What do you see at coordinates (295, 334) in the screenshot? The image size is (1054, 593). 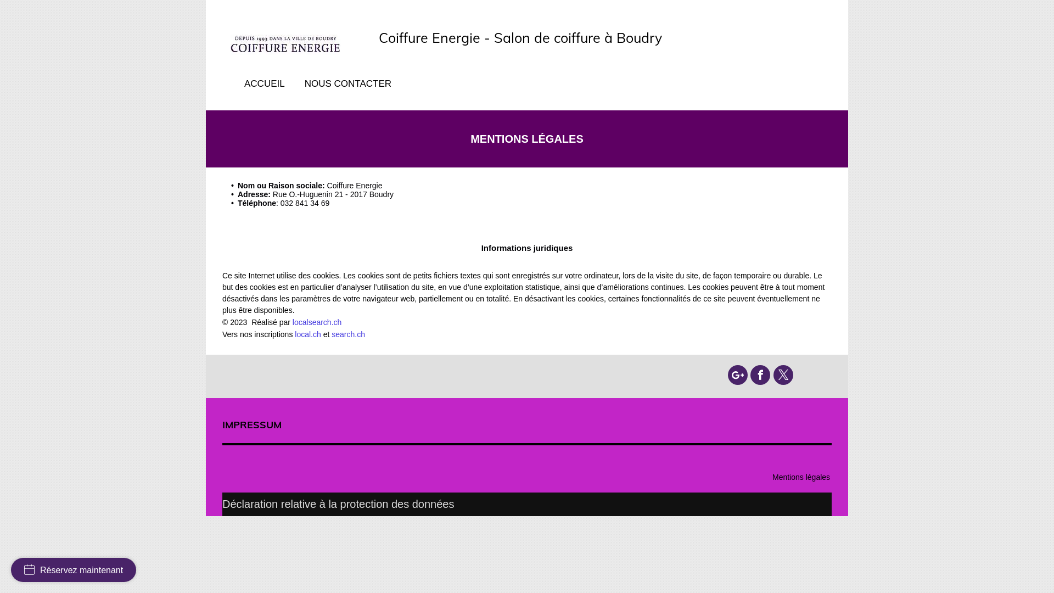 I see `'local.ch'` at bounding box center [295, 334].